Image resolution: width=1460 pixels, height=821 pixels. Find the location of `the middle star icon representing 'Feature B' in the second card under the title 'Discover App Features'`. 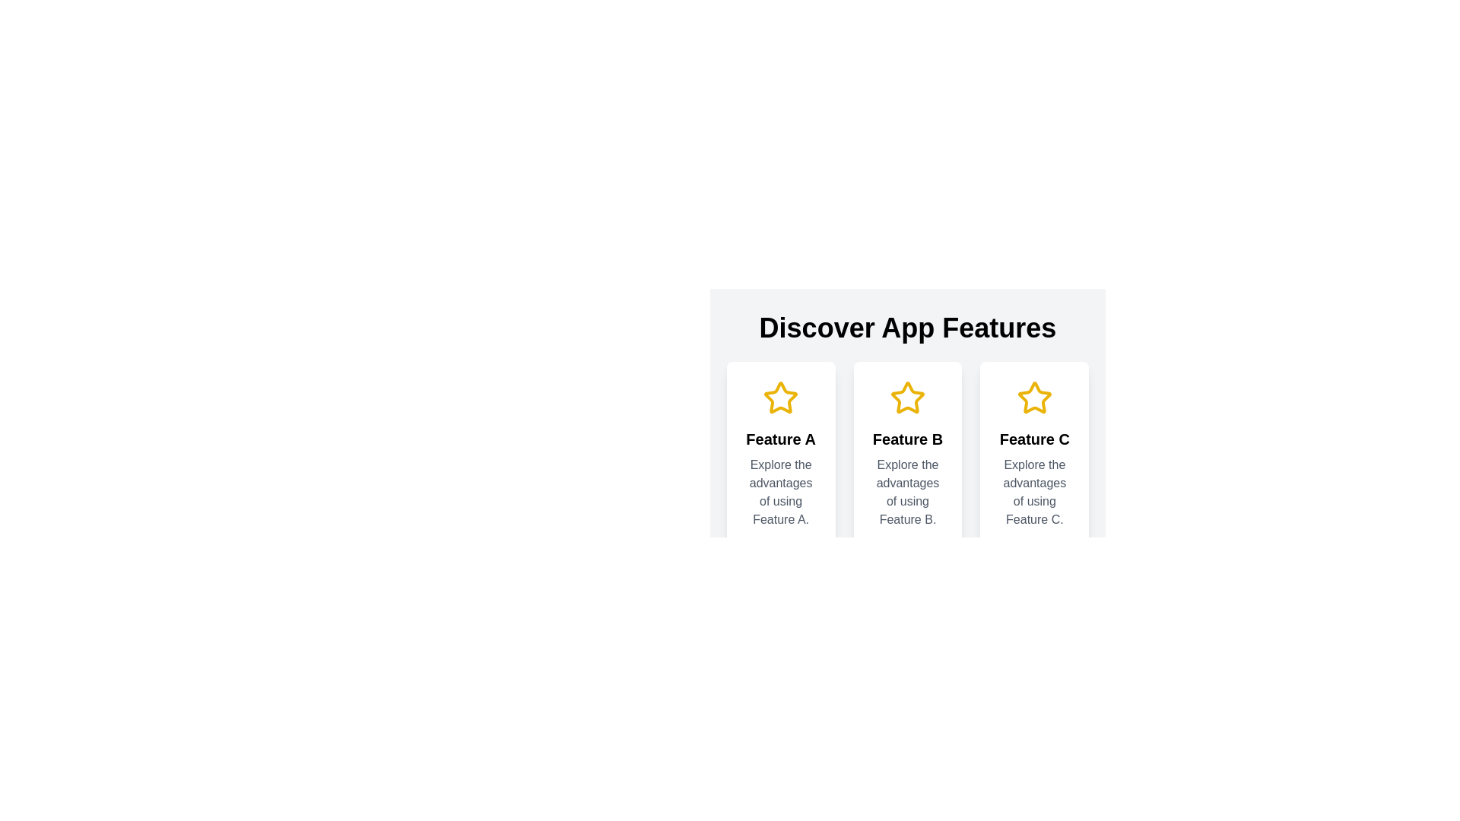

the middle star icon representing 'Feature B' in the second card under the title 'Discover App Features' is located at coordinates (908, 397).